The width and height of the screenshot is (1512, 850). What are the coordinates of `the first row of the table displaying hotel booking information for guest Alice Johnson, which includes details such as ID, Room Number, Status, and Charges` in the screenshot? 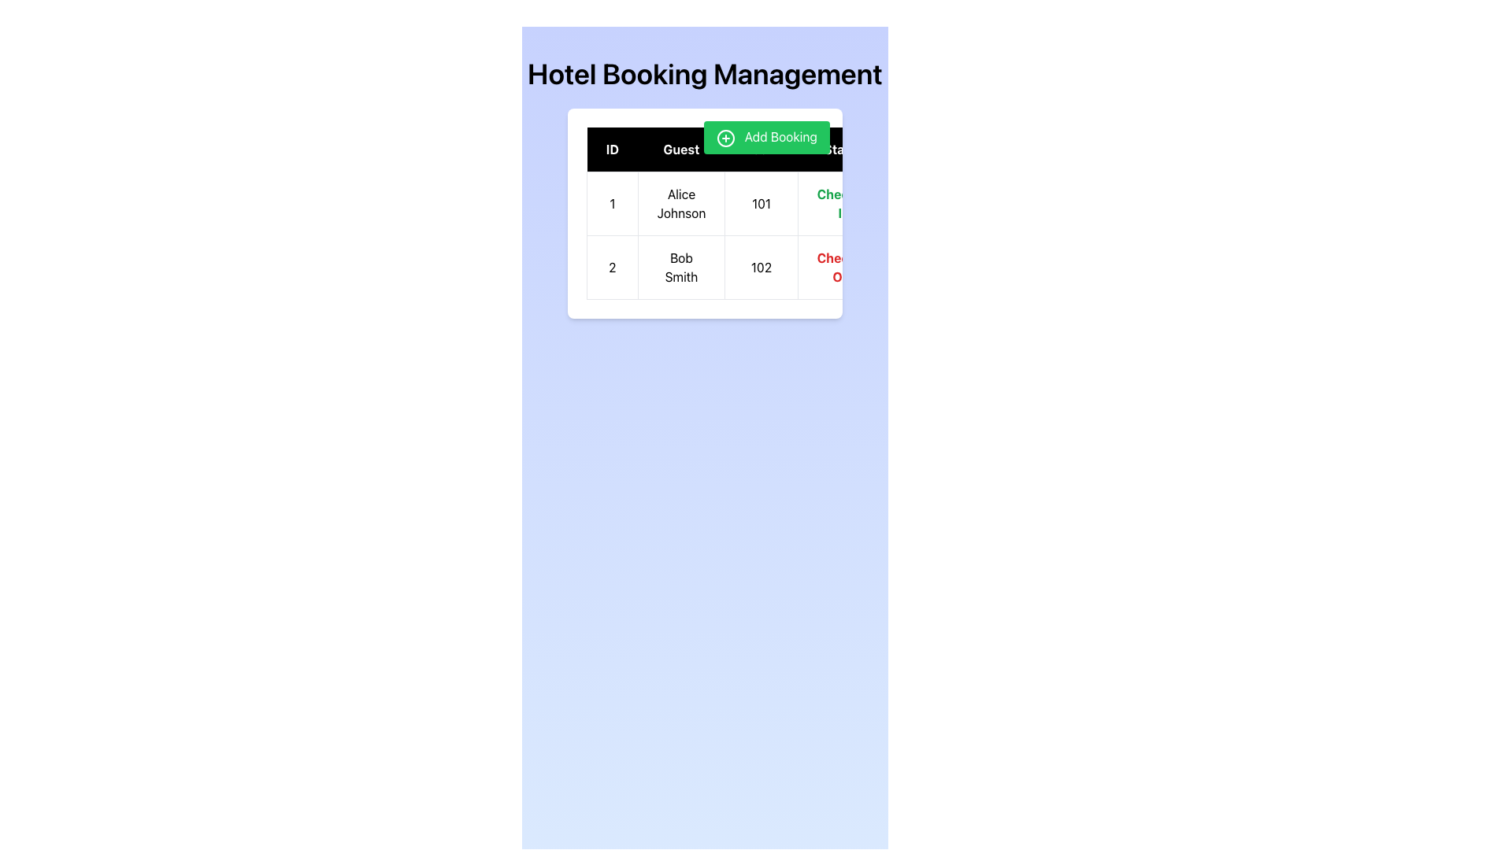 It's located at (782, 202).